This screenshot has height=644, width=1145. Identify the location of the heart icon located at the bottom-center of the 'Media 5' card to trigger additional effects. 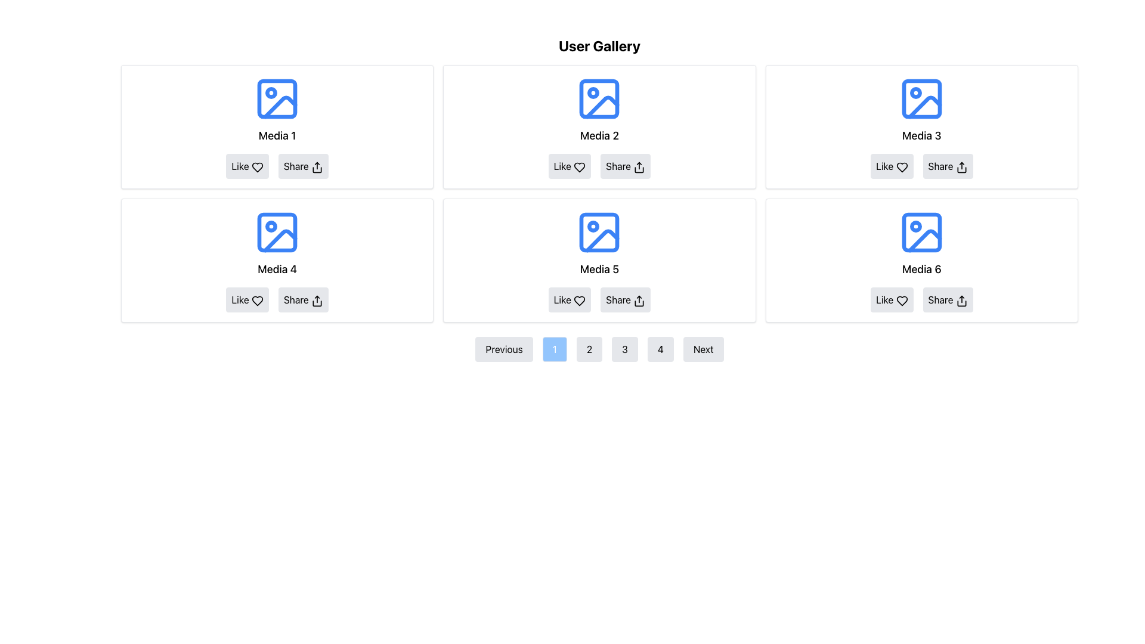
(580, 300).